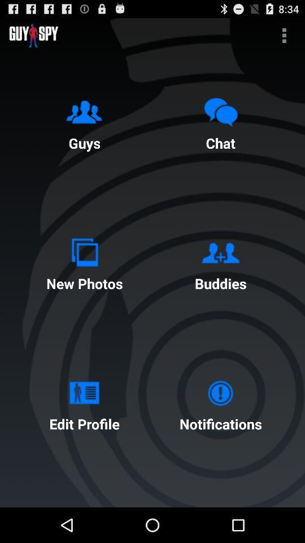  I want to click on item to the left of the buddies item, so click(84, 262).